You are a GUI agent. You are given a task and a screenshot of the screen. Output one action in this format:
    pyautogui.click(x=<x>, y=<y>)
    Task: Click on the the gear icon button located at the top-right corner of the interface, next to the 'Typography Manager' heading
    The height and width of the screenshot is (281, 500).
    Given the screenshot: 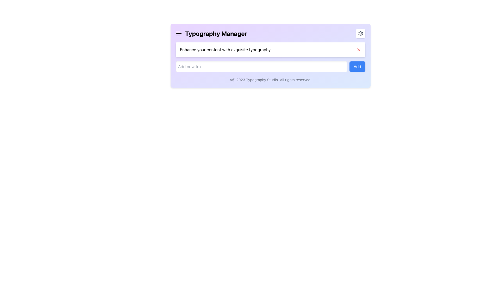 What is the action you would take?
    pyautogui.click(x=360, y=33)
    